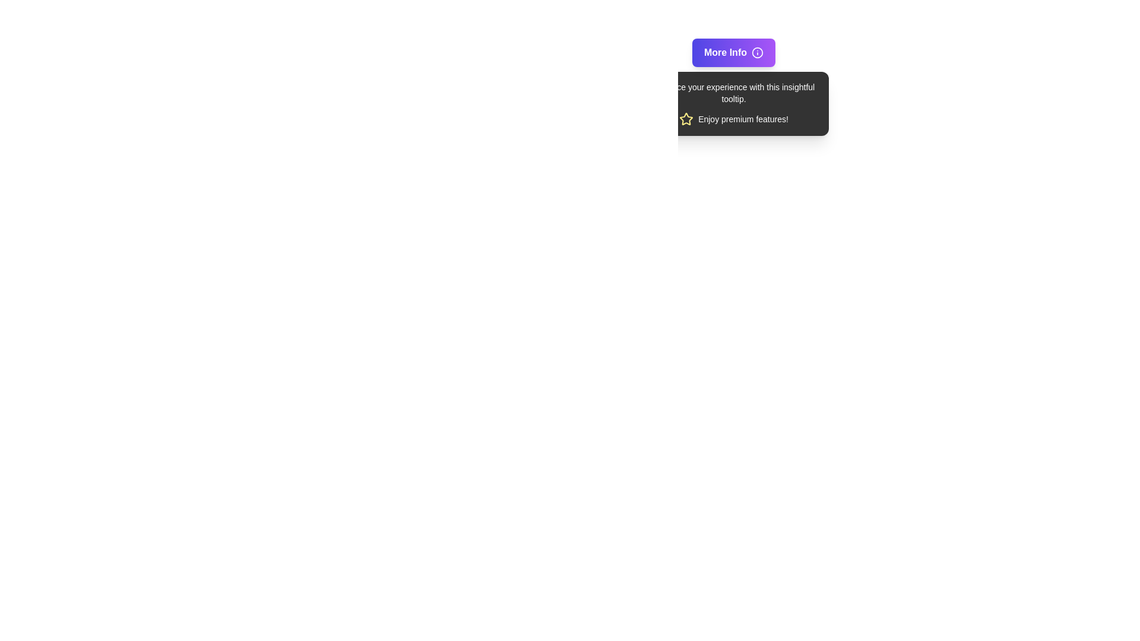 This screenshot has height=641, width=1140. I want to click on the button located in the upper right section of the interface, so click(733, 52).